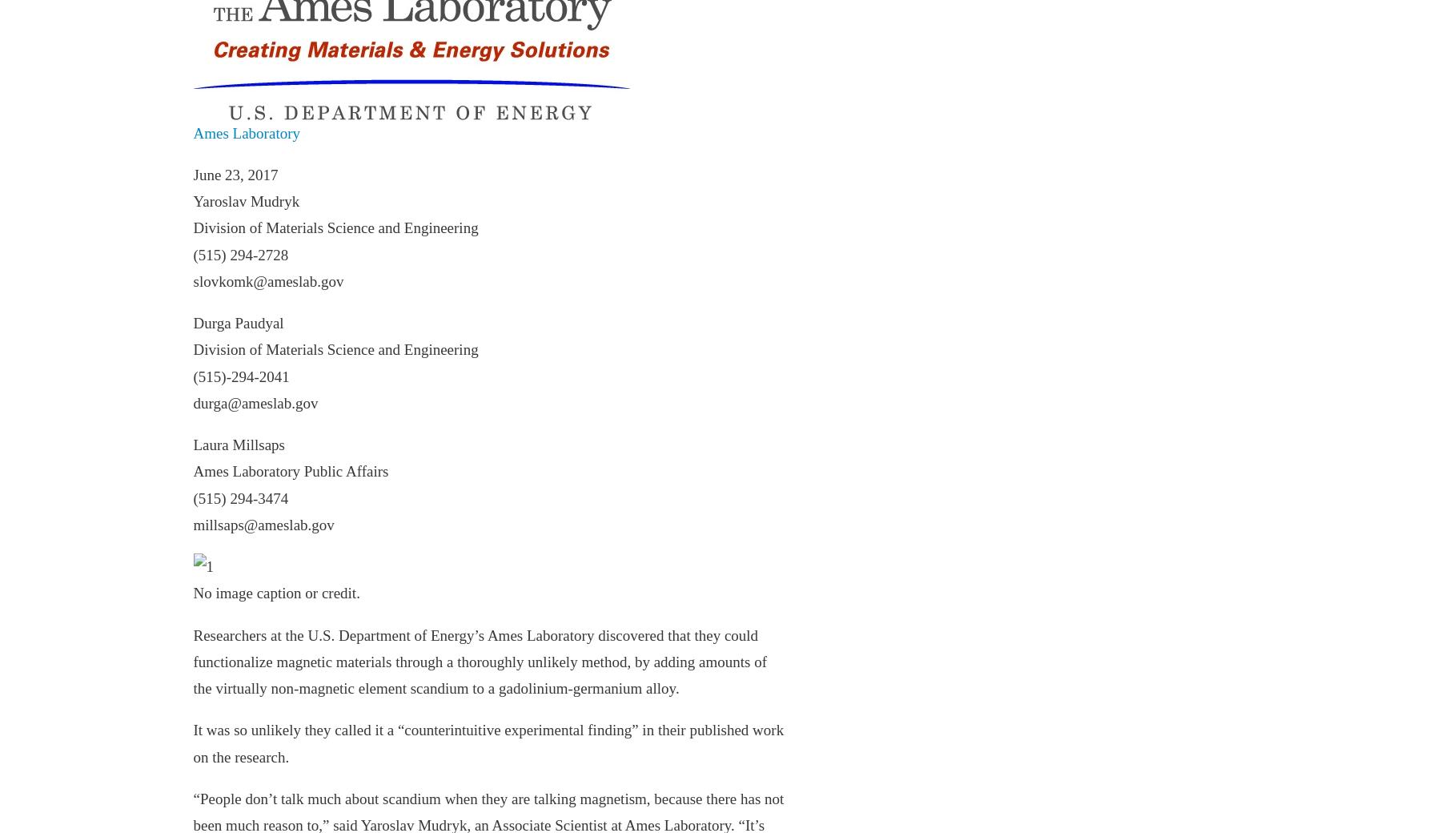 The width and height of the screenshot is (1441, 833). I want to click on 'millsaps@ameslab.gov', so click(263, 524).